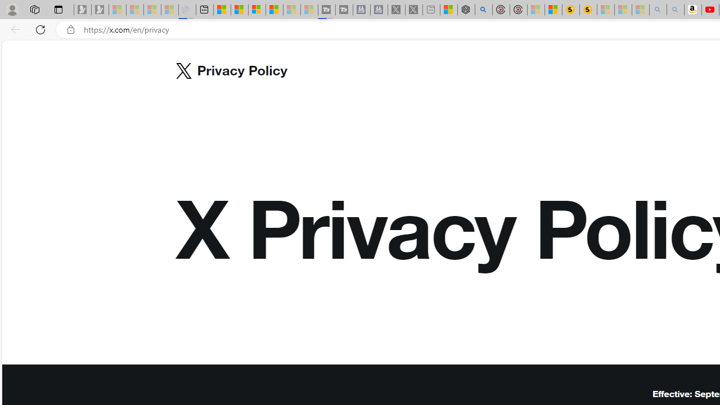  I want to click on 'amazon - Search - Sleeping', so click(658, 10).